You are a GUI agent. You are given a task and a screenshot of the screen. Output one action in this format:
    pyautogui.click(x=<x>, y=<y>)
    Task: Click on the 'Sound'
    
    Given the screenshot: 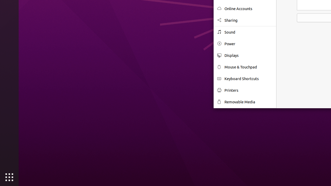 What is the action you would take?
    pyautogui.click(x=249, y=32)
    